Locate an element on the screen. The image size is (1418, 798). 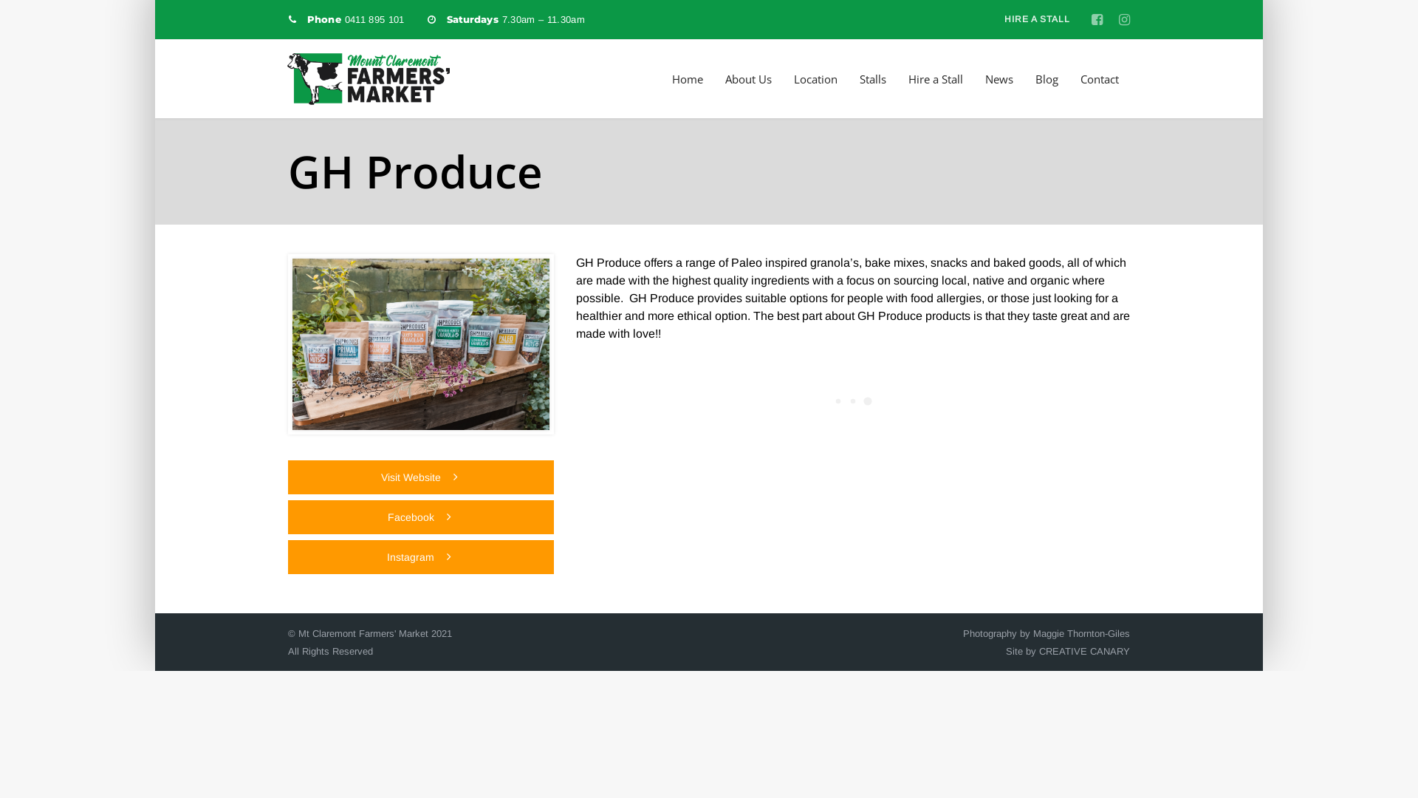
'News' is located at coordinates (985, 79).